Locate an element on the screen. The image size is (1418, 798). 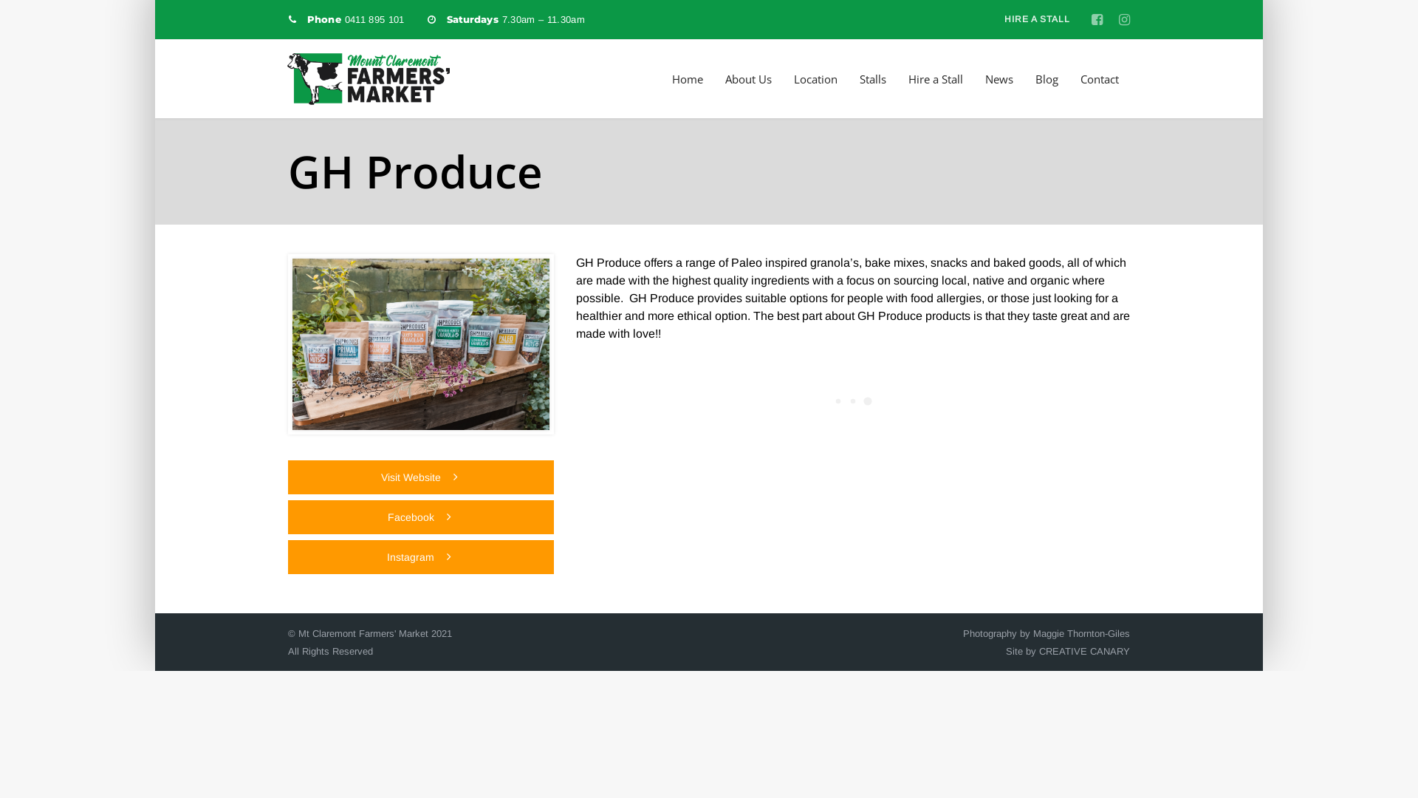
'News' is located at coordinates (985, 79).